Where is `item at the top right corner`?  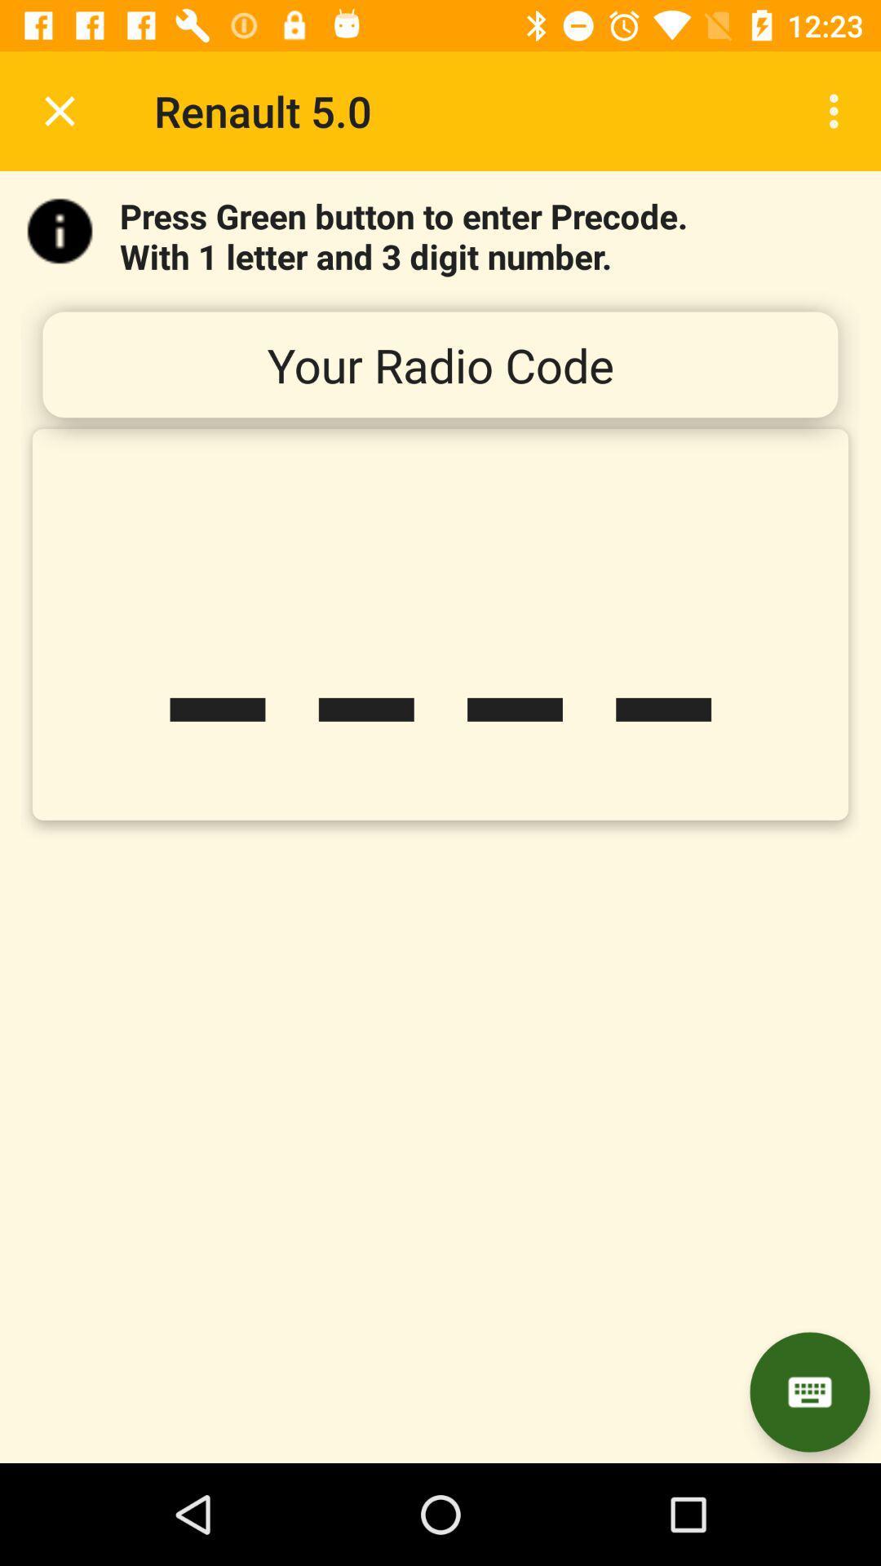
item at the top right corner is located at coordinates (838, 110).